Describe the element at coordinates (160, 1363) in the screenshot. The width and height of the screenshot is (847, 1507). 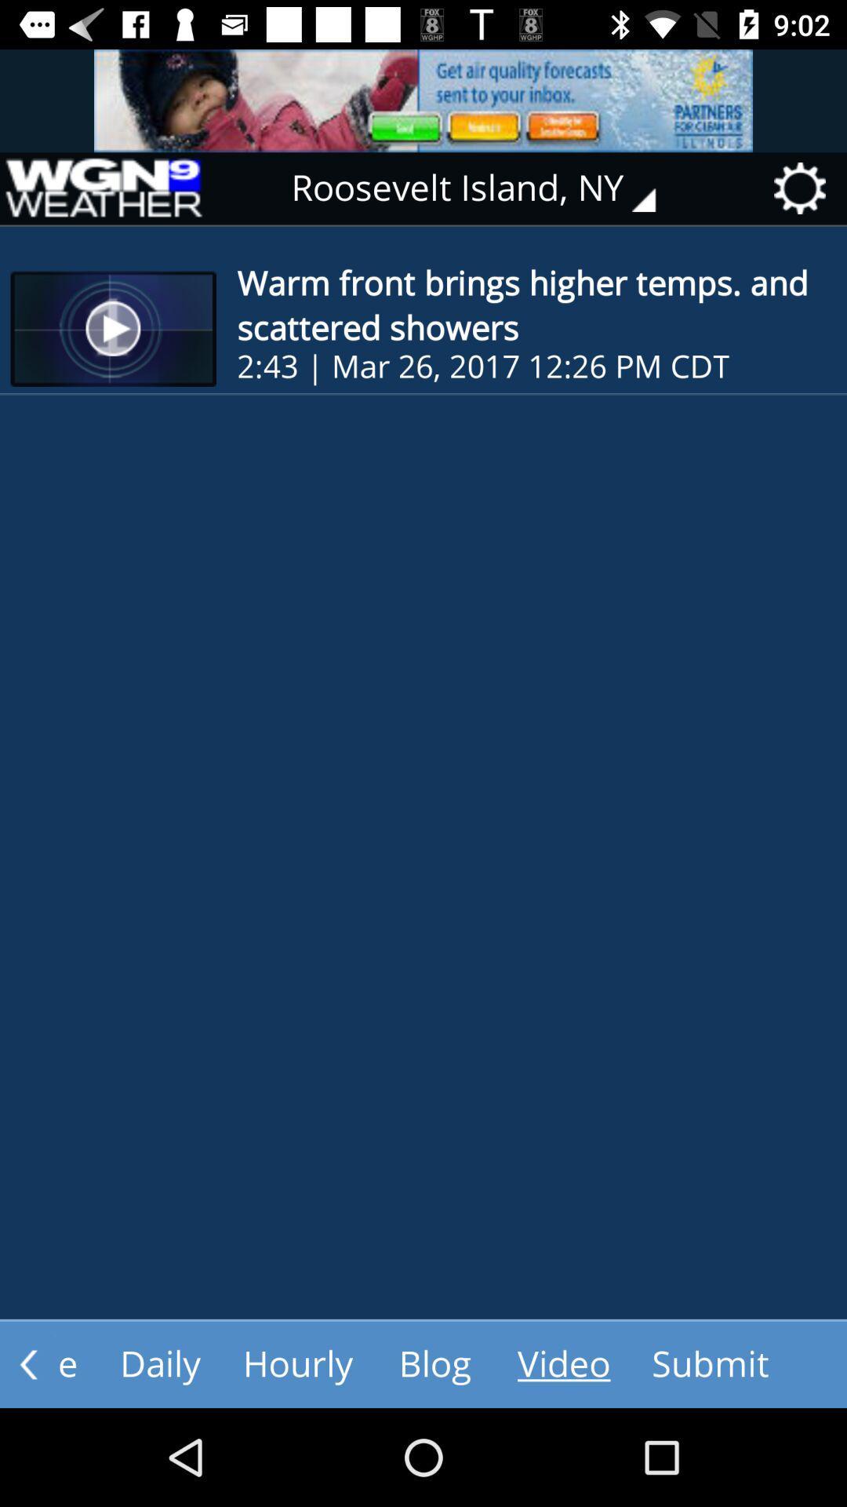
I see `daily` at that location.